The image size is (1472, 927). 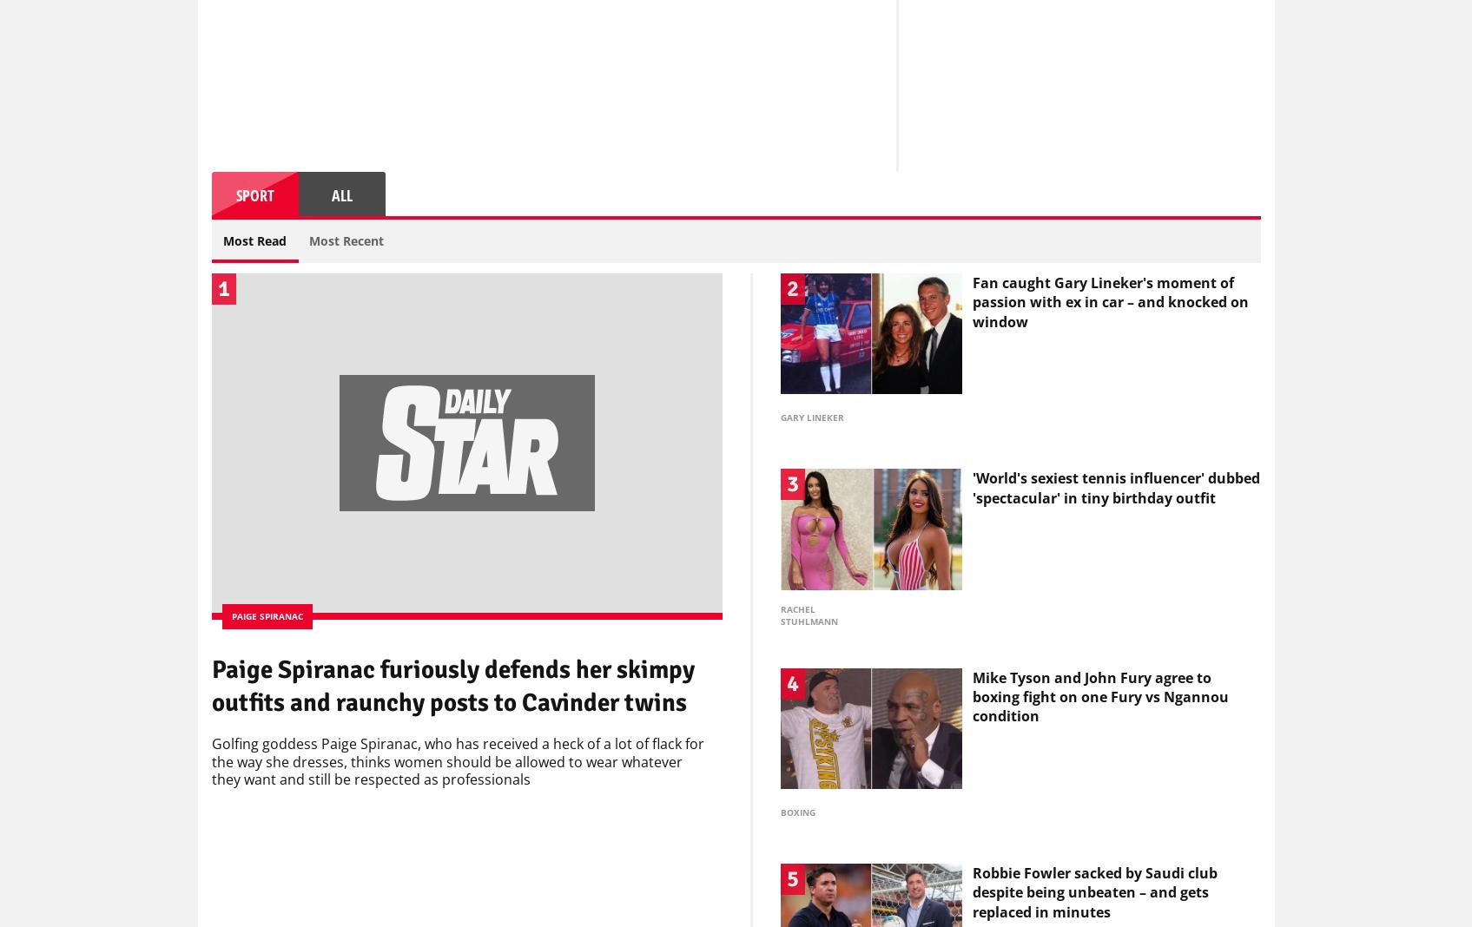 I want to click on 'Golfing goddess Paige Spiranac, who has received a heck of a lot of flack for the way she dresses, thinks women should be allowed to wear whatever they want and still be respected as professionals', so click(x=457, y=765).